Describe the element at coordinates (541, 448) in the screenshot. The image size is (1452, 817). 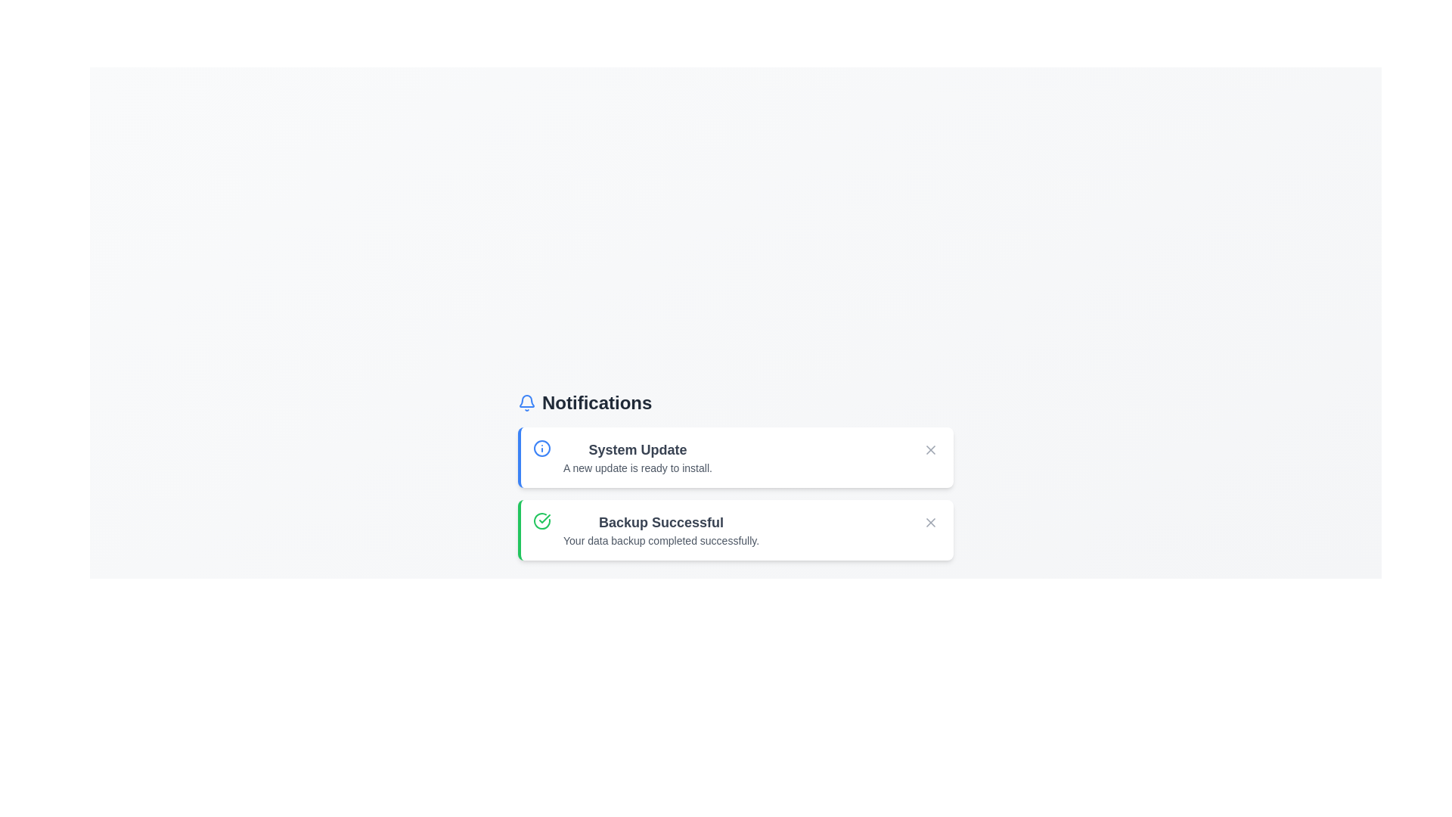
I see `the central SVG circle of the 'System Update' notification icon located at the top left of the interface` at that location.